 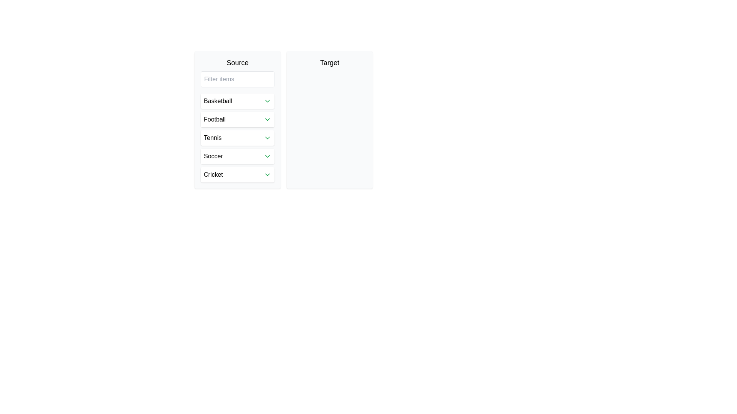 What do you see at coordinates (267, 137) in the screenshot?
I see `the downward-facing chevron icon in the 'Tennis' row` at bounding box center [267, 137].